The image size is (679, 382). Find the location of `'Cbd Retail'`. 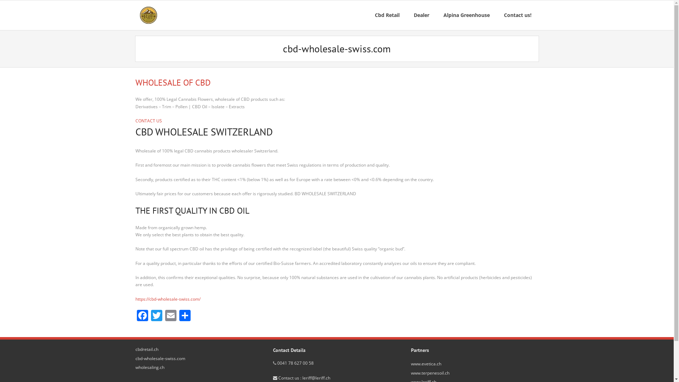

'Cbd Retail' is located at coordinates (387, 15).